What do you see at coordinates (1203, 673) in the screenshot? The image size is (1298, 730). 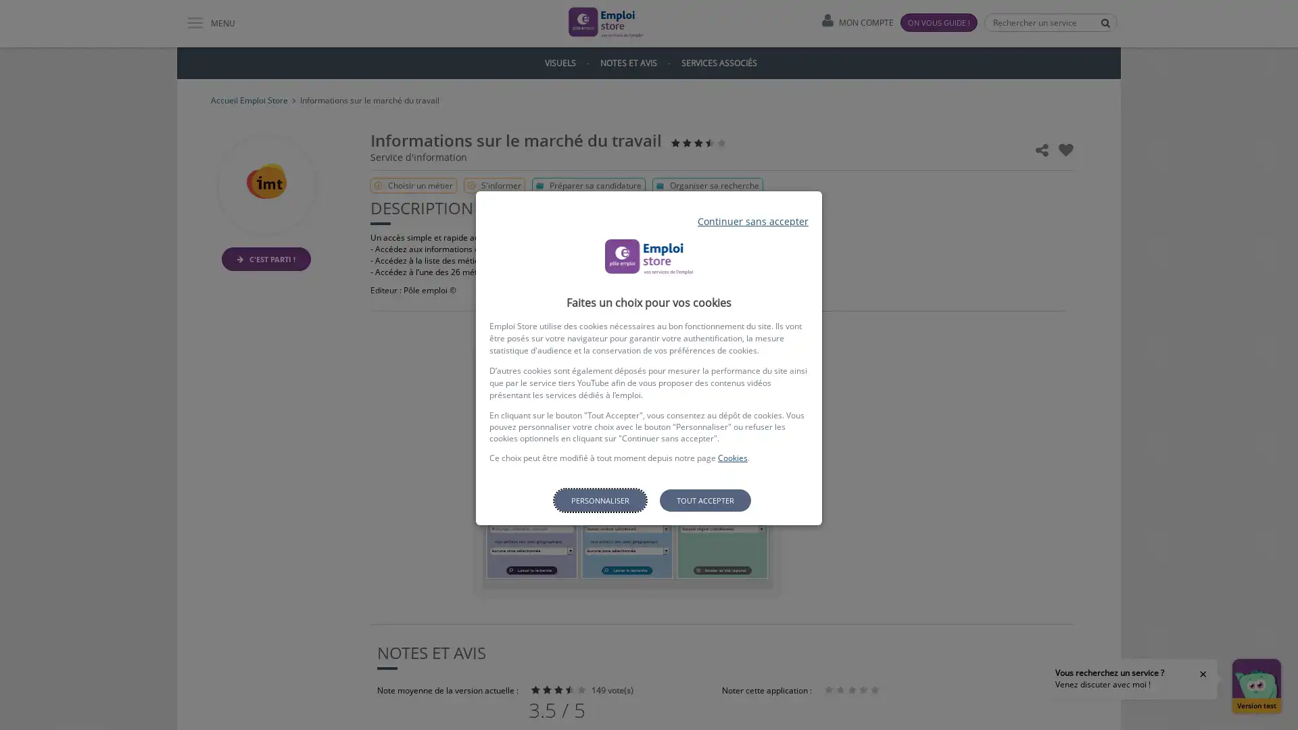 I see `Fermer la bulle d'aide` at bounding box center [1203, 673].